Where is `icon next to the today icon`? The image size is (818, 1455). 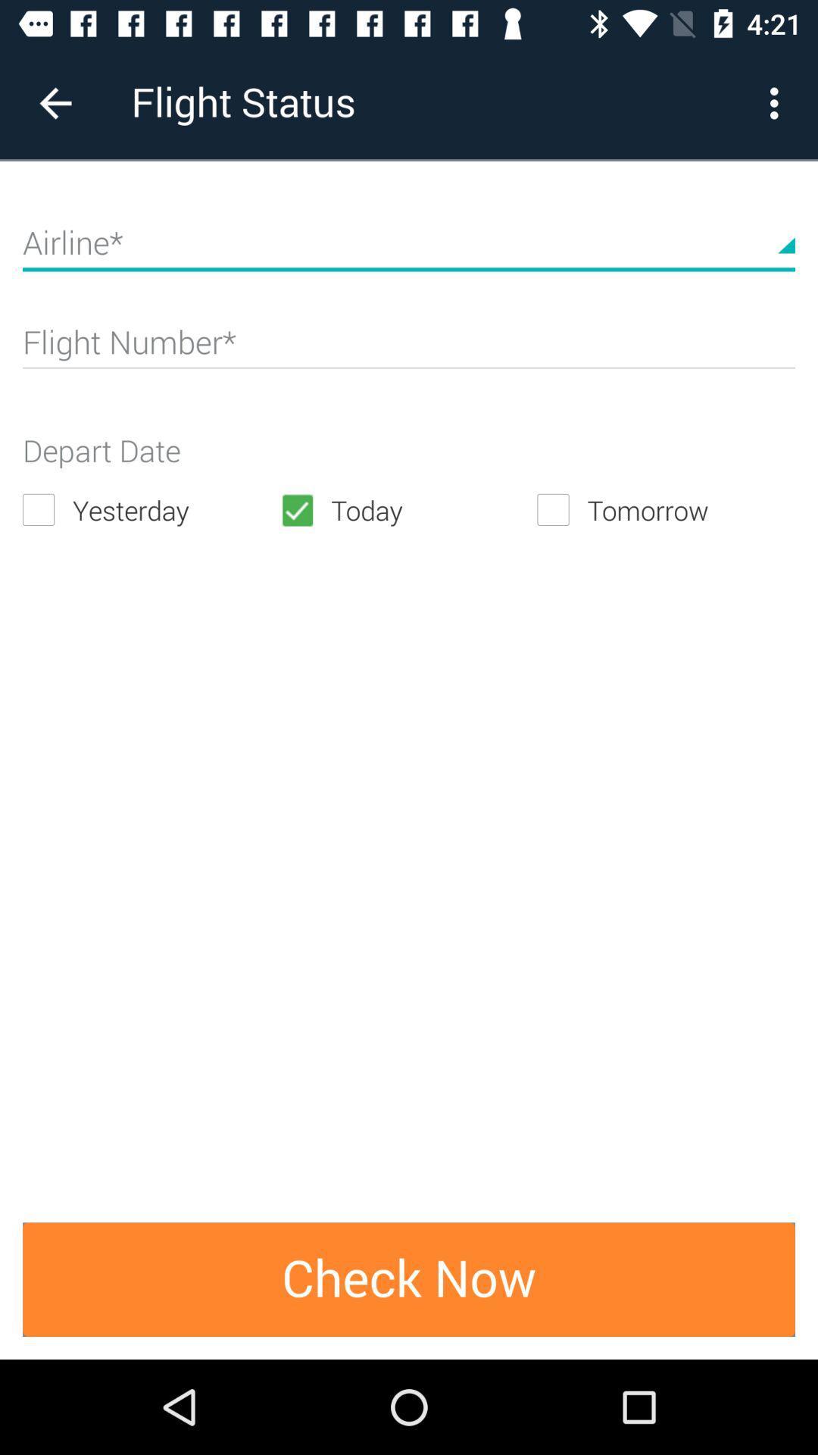 icon next to the today icon is located at coordinates (151, 510).